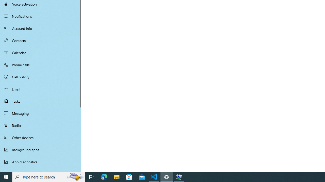  I want to click on 'App diagnostics', so click(41, 162).